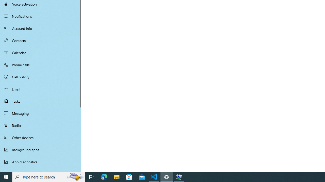  I want to click on 'App diagnostics', so click(41, 162).